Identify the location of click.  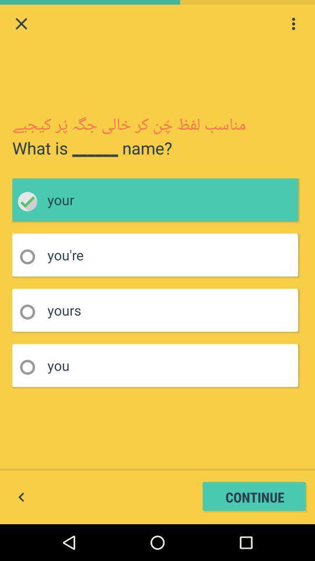
(31, 202).